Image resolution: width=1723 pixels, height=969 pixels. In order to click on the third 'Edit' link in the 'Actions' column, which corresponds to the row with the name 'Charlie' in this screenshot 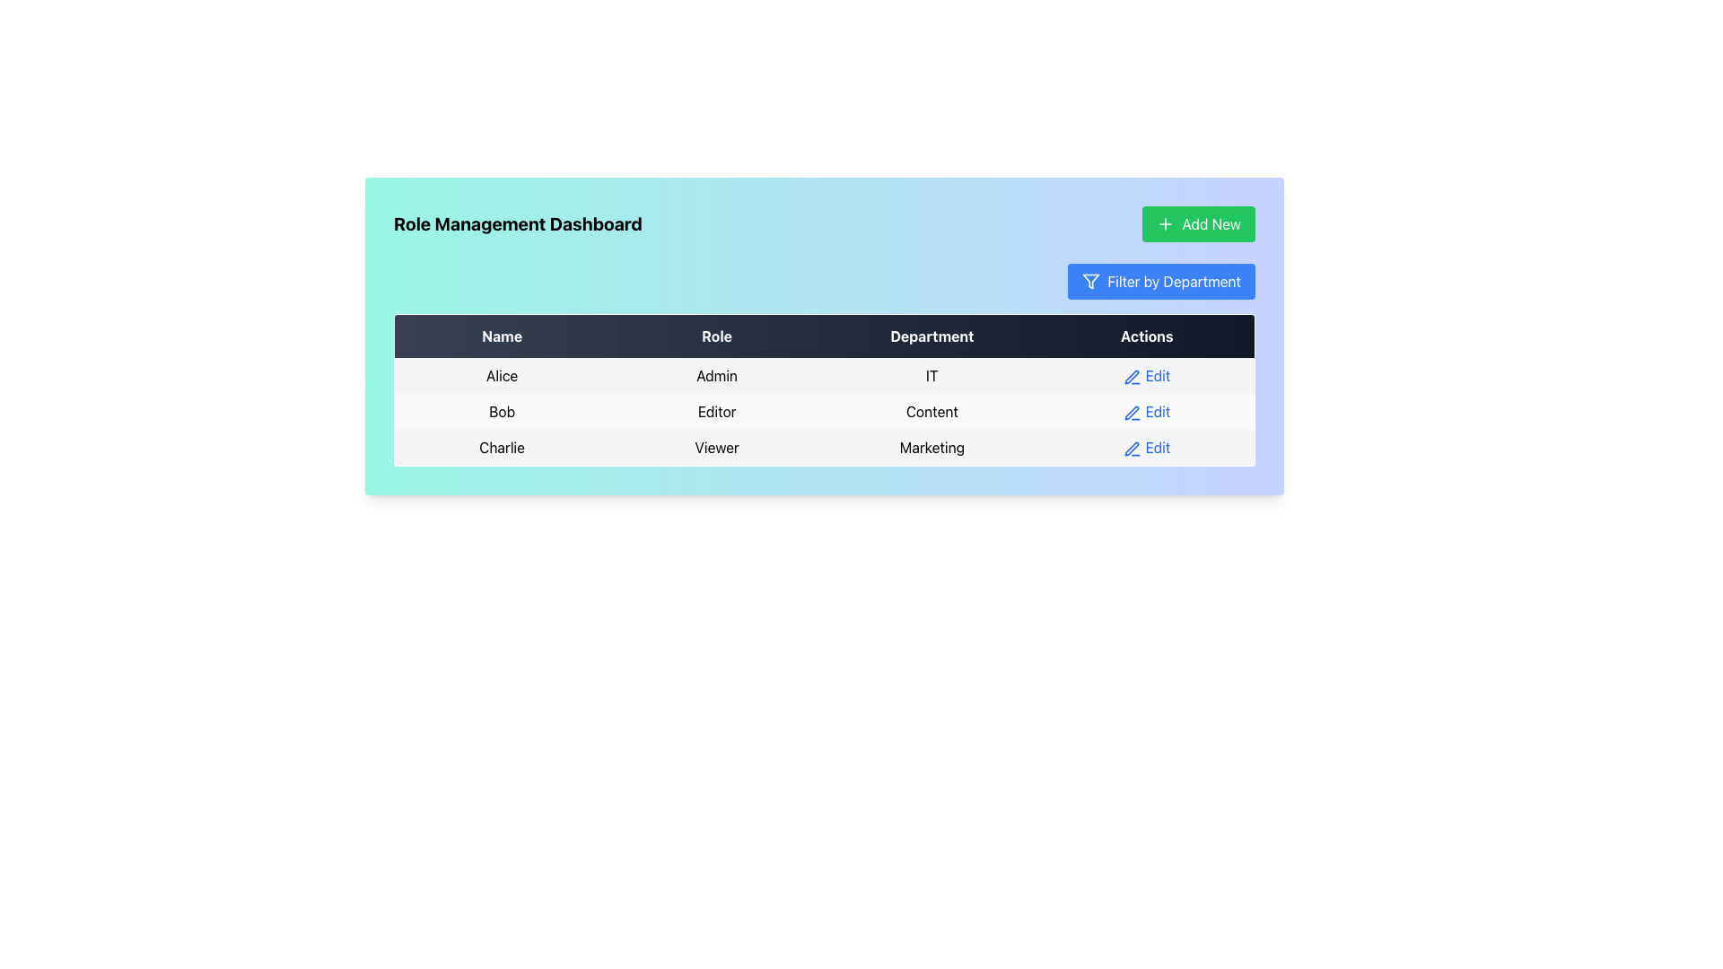, I will do `click(1146, 446)`.